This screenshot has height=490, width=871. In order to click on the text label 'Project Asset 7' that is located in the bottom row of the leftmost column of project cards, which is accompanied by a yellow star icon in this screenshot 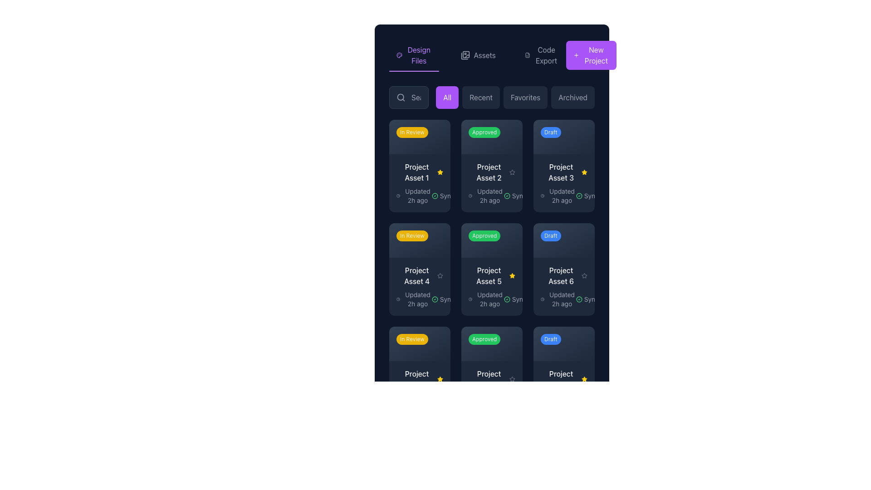, I will do `click(419, 379)`.